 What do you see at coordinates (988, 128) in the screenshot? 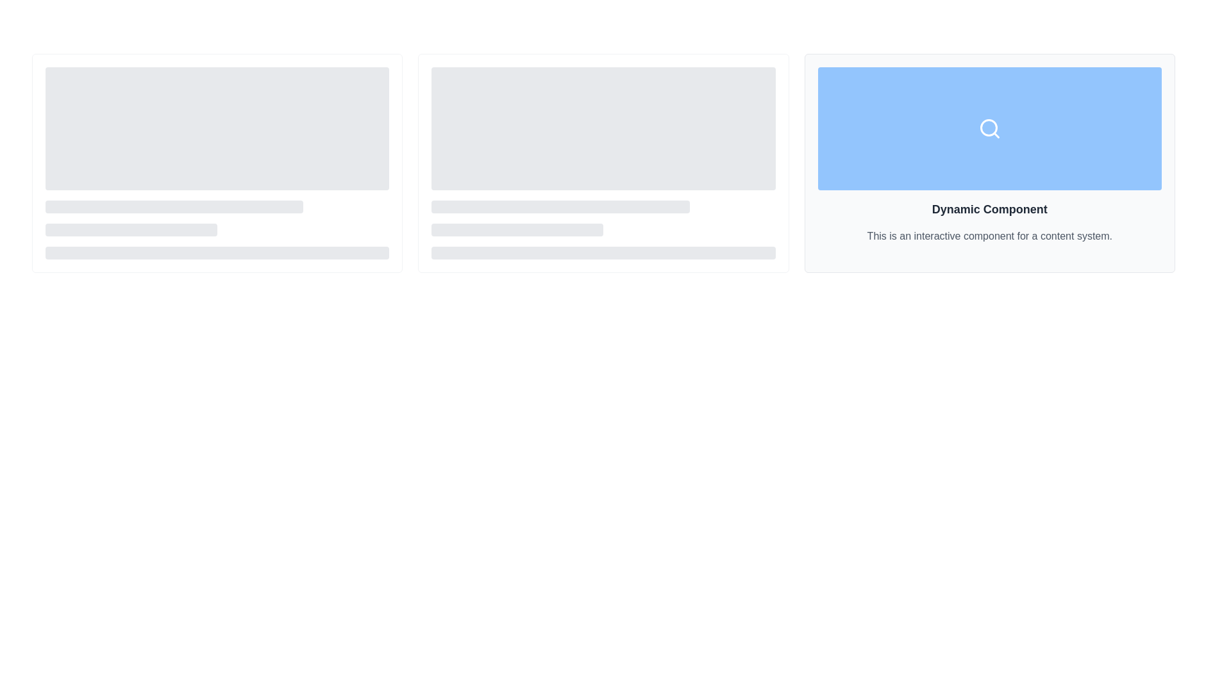
I see `the circular lens of the magnifying glass icon, which indicates a search function in the UI` at bounding box center [988, 128].